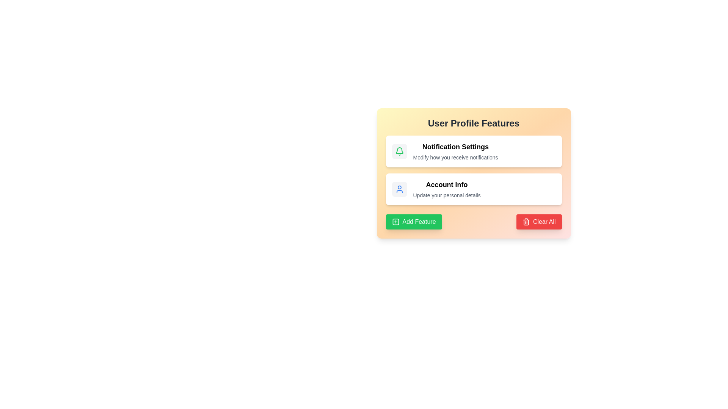 The image size is (728, 409). I want to click on the green 'Add Feature' button with a white icon and text, so click(413, 222).